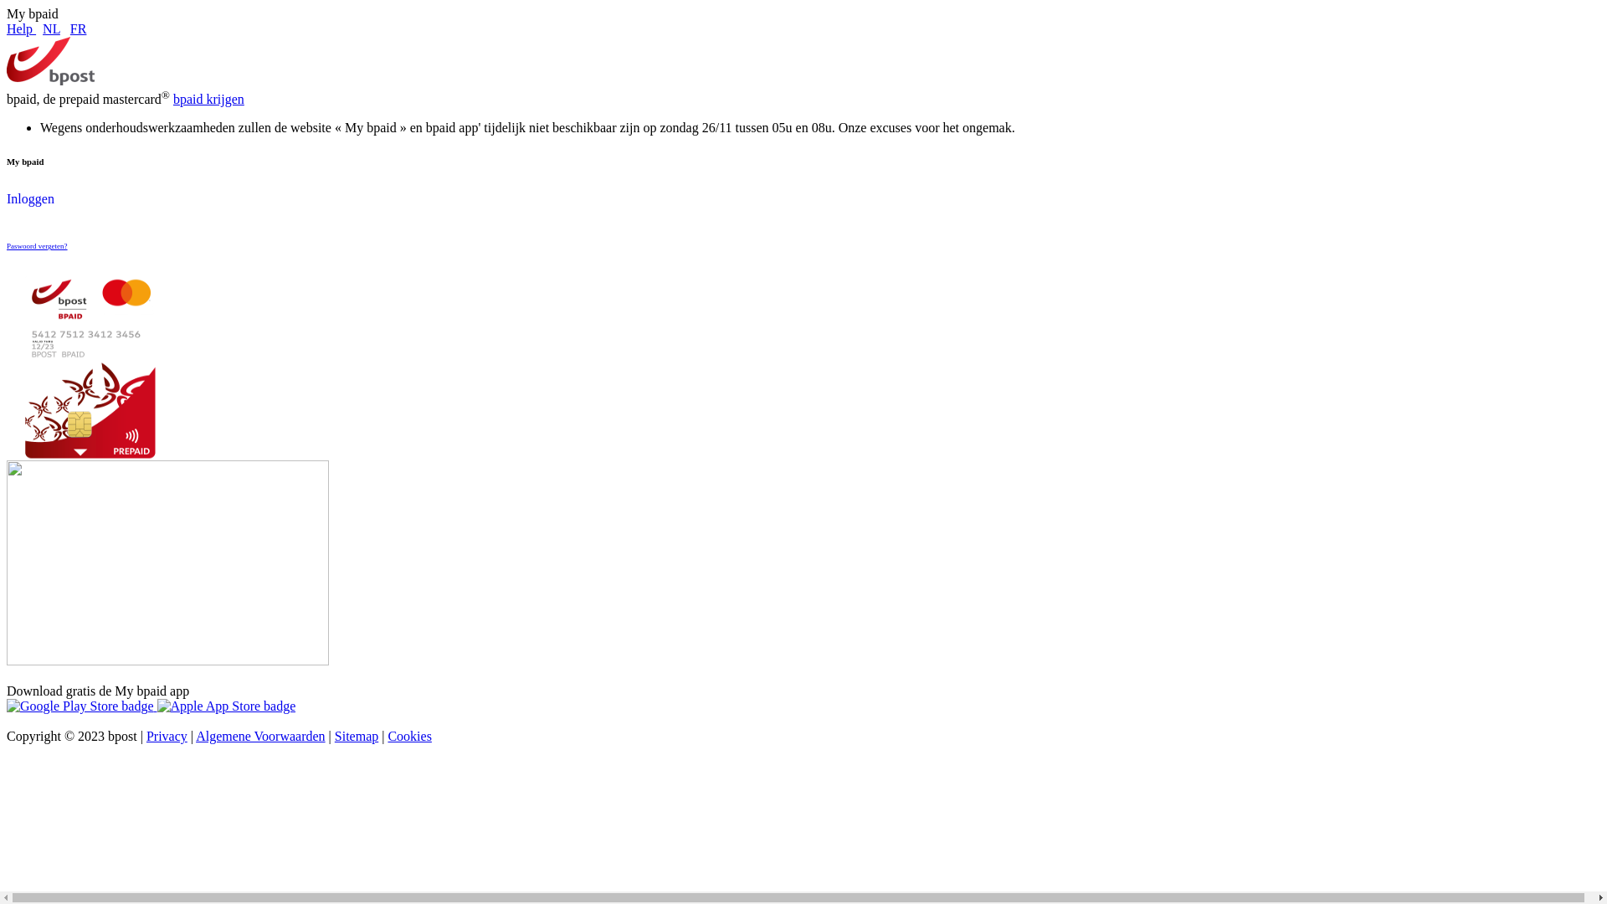 The width and height of the screenshot is (1607, 904). What do you see at coordinates (30, 198) in the screenshot?
I see `'Inloggen'` at bounding box center [30, 198].